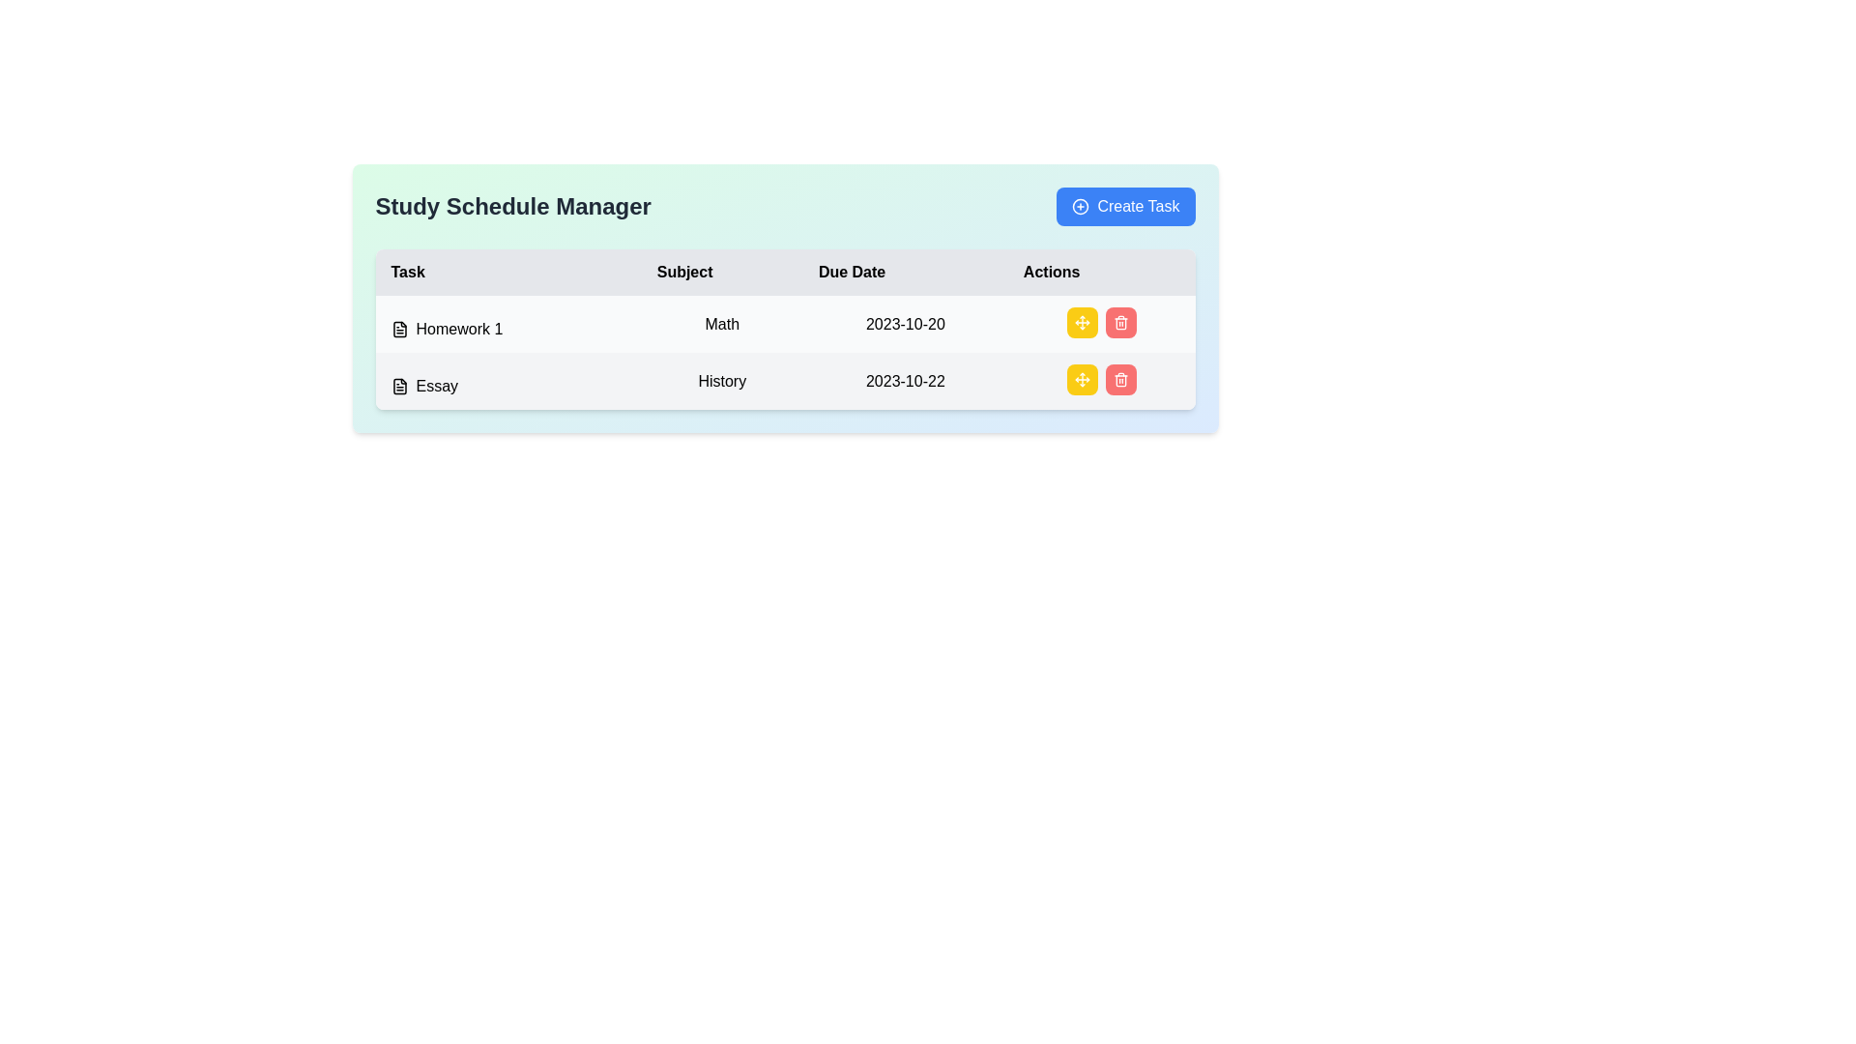 The width and height of the screenshot is (1856, 1044). I want to click on the small document icon styled with a stroke outline, located next to the text 'Essay' in the first column of the second row within the table under the 'Task' column, so click(398, 387).